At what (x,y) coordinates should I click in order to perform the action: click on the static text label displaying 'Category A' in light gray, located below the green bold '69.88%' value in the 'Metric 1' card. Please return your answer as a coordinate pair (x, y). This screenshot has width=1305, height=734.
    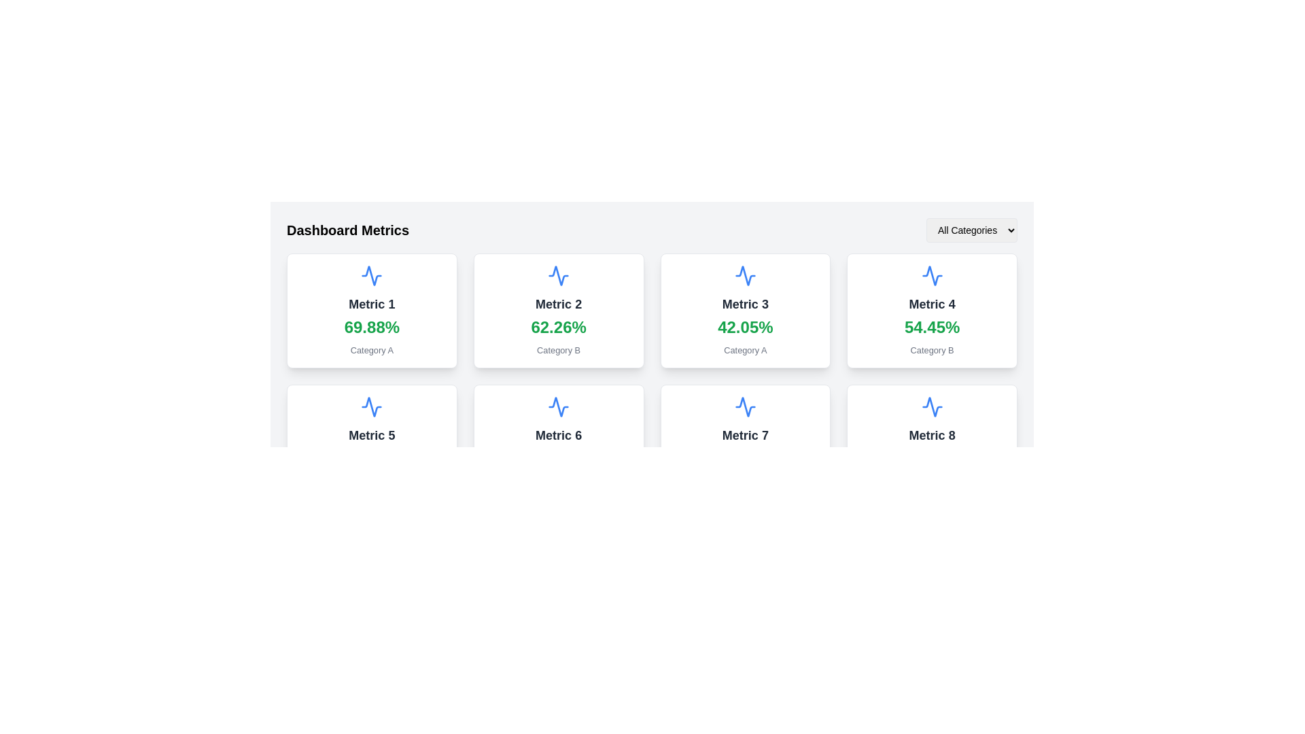
    Looking at the image, I should click on (372, 349).